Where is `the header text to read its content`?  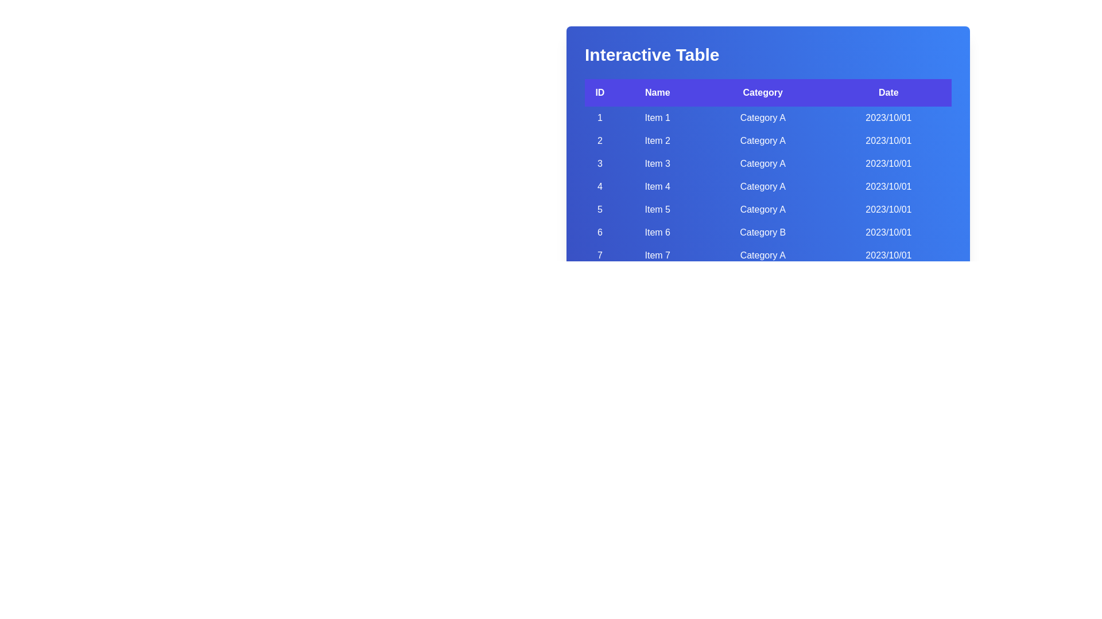 the header text to read its content is located at coordinates (652, 55).